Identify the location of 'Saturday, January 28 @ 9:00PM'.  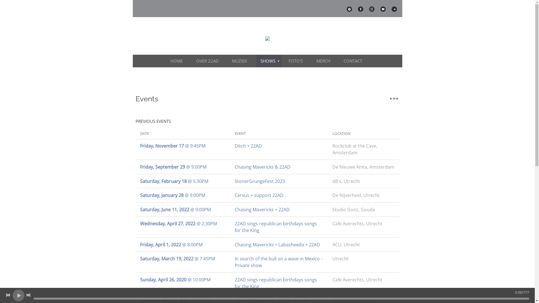
(182, 195).